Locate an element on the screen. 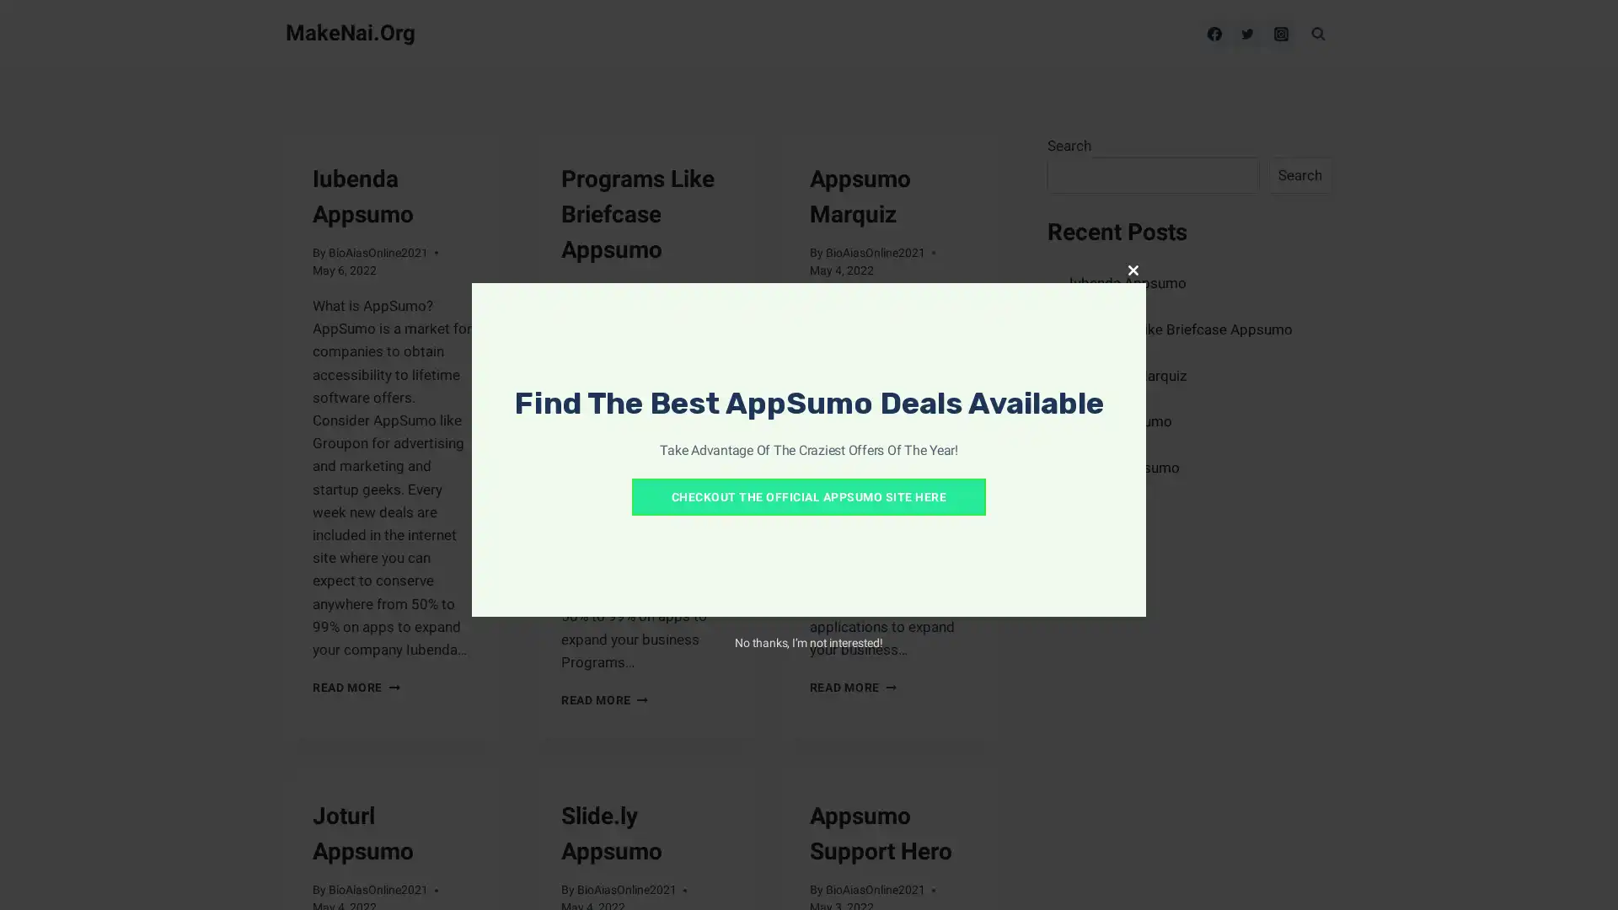 The image size is (1618, 910). Search is located at coordinates (1299, 175).